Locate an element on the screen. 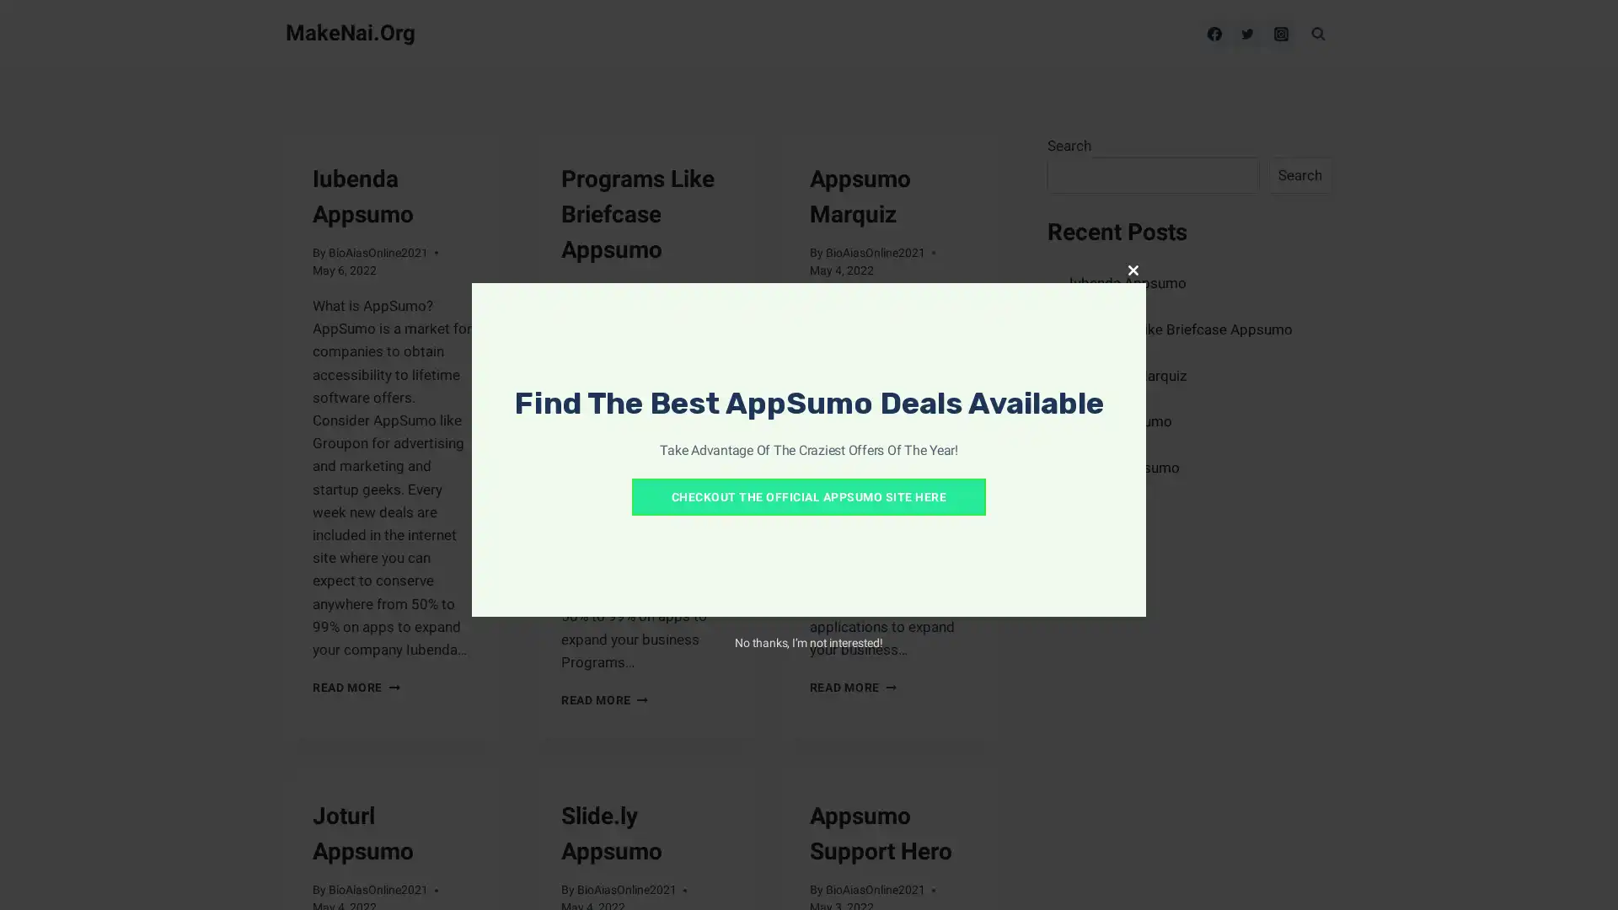 The image size is (1618, 910). Search is located at coordinates (1299, 175).